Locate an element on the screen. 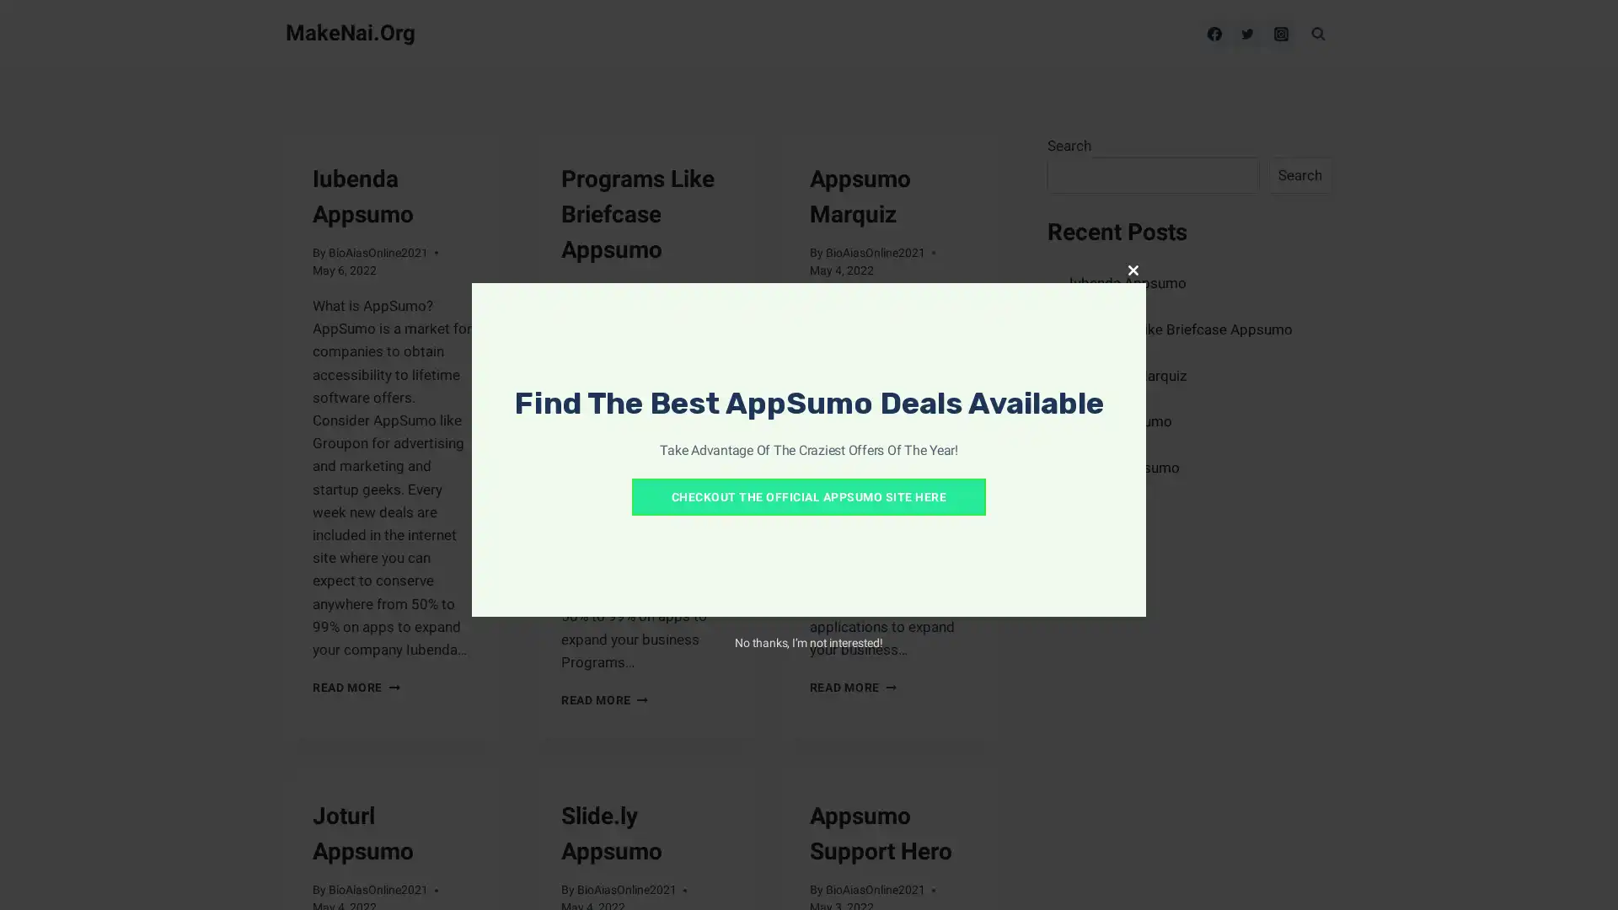 The image size is (1618, 910). Search is located at coordinates (1299, 175).